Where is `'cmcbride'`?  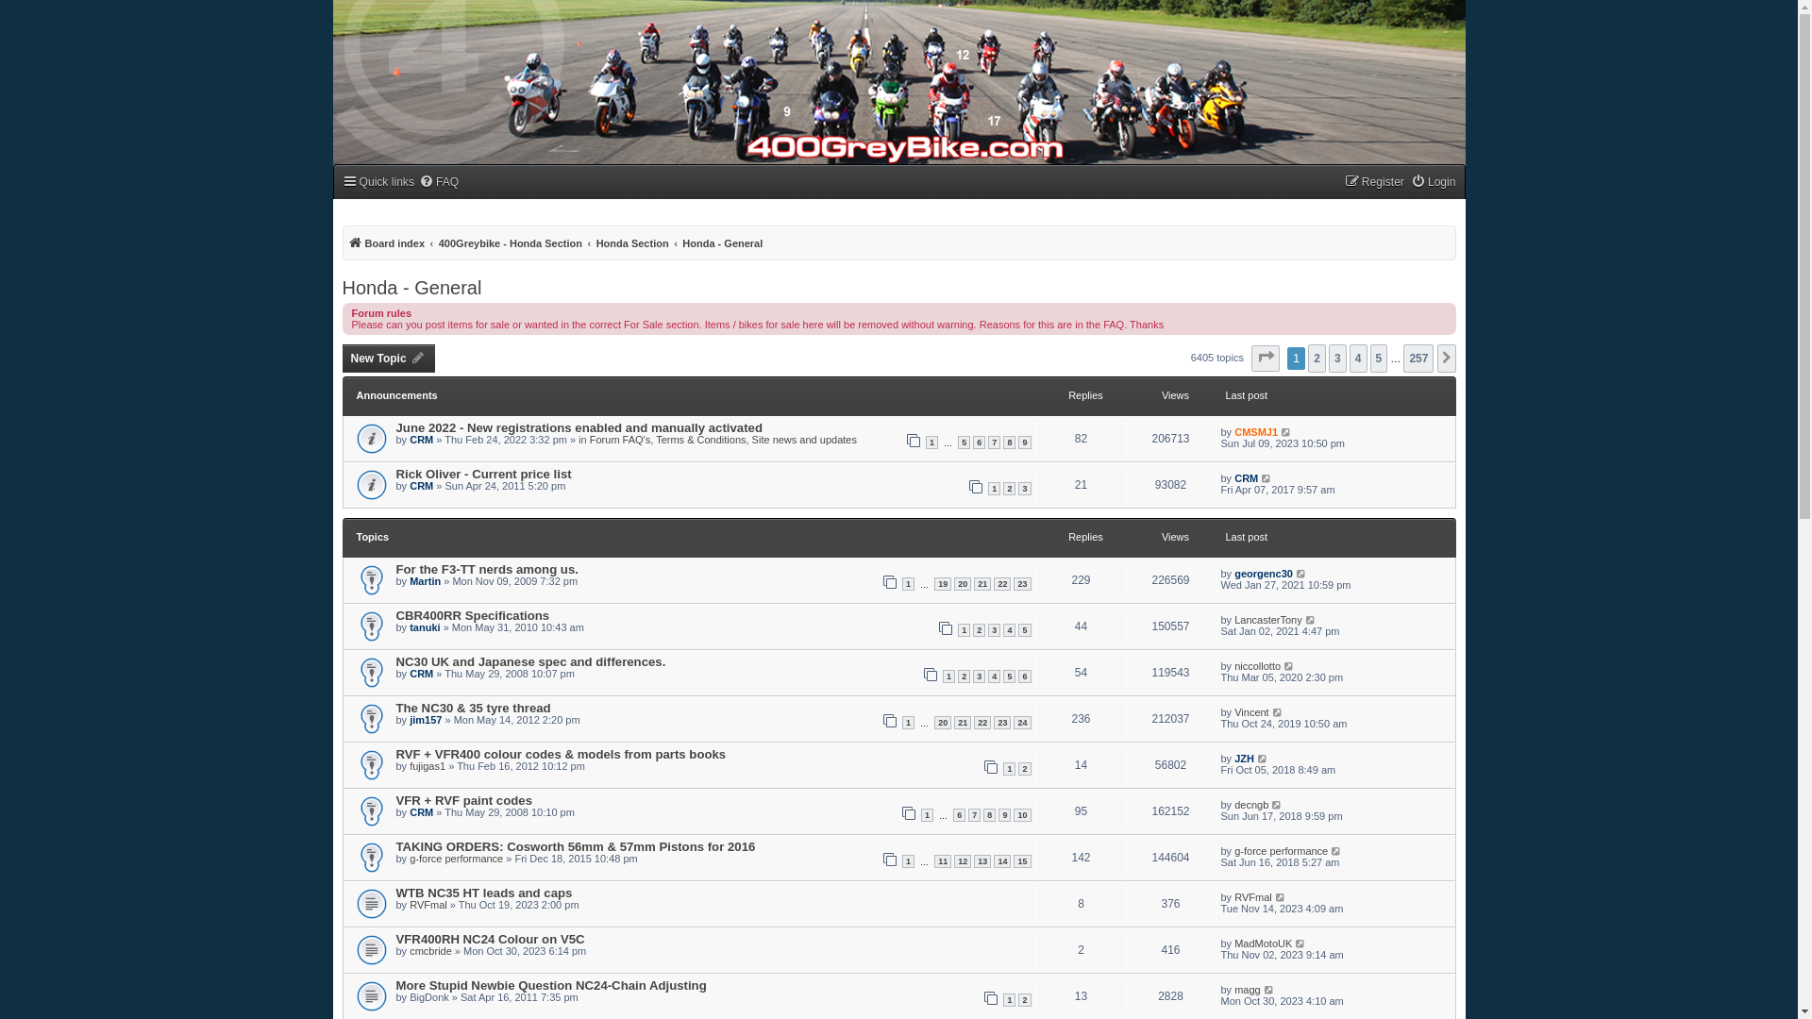
'cmcbride' is located at coordinates (429, 950).